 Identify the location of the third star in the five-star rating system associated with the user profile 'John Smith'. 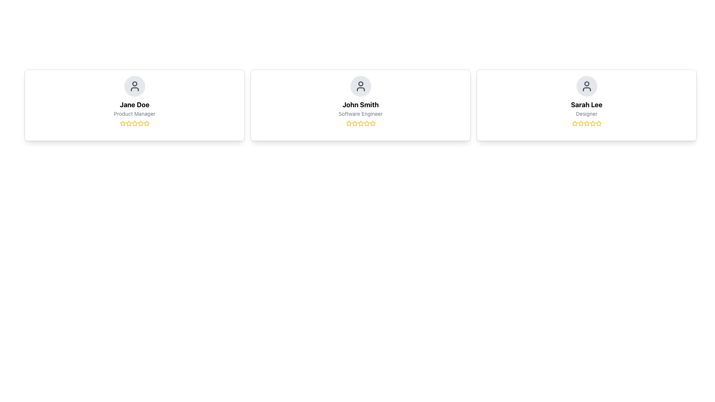
(366, 123).